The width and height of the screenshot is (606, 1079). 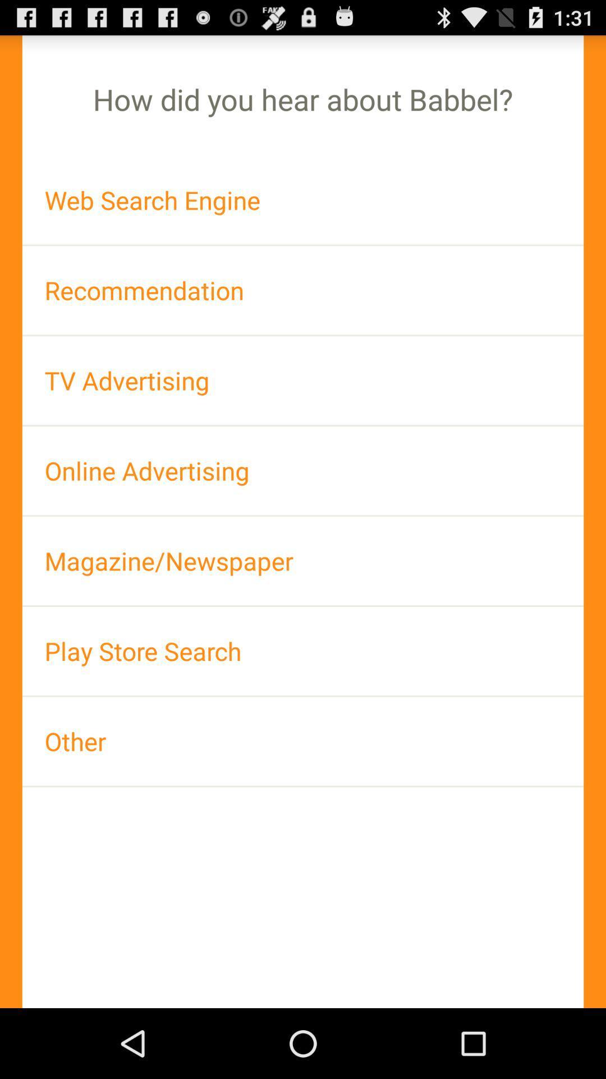 What do you see at coordinates (303, 200) in the screenshot?
I see `the item above recommendation` at bounding box center [303, 200].